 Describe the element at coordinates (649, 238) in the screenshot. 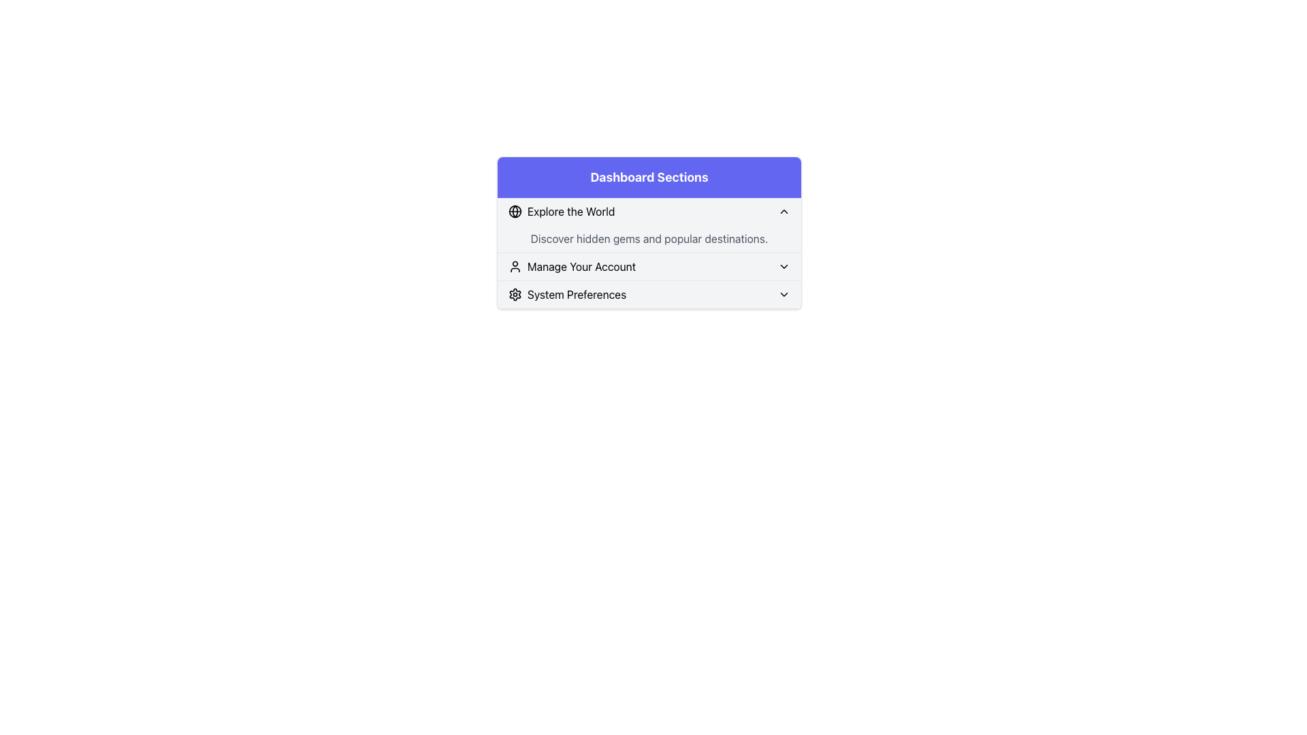

I see `the descriptive Text Label under the 'Explore the World' section on the Dashboard, which provides additional details about its contents` at that location.